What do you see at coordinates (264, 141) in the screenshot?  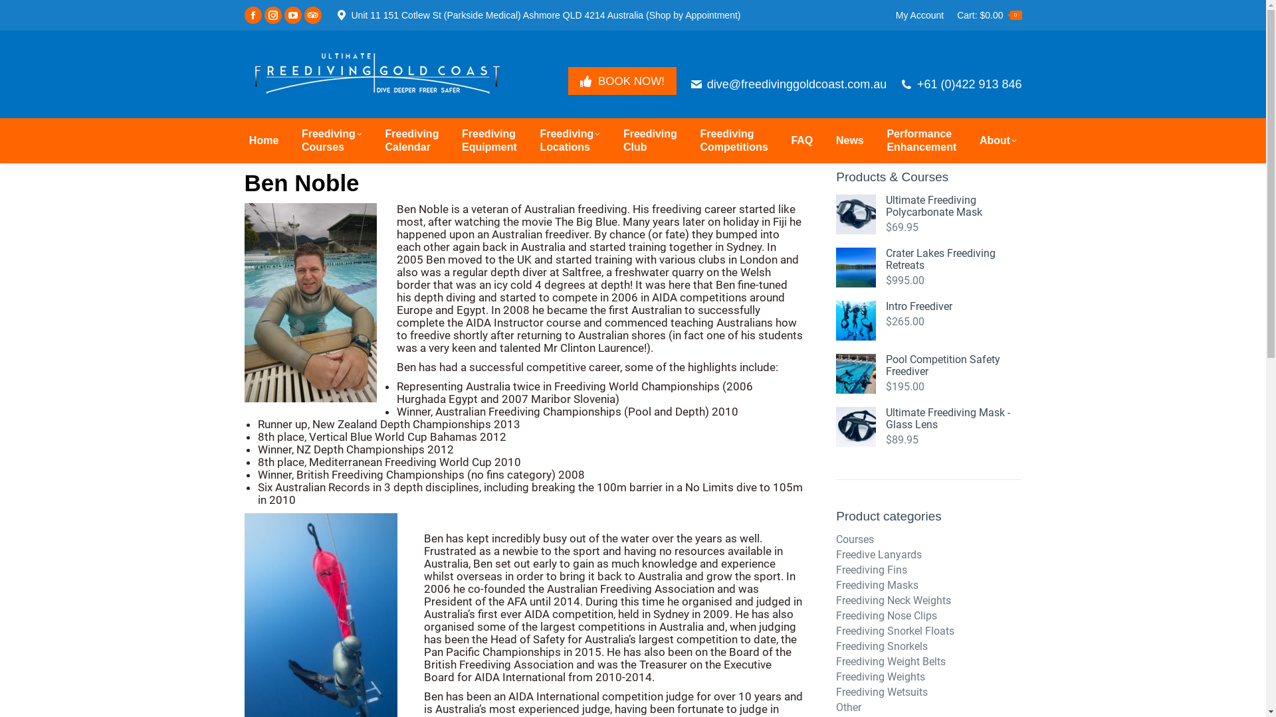 I see `'Home'` at bounding box center [264, 141].